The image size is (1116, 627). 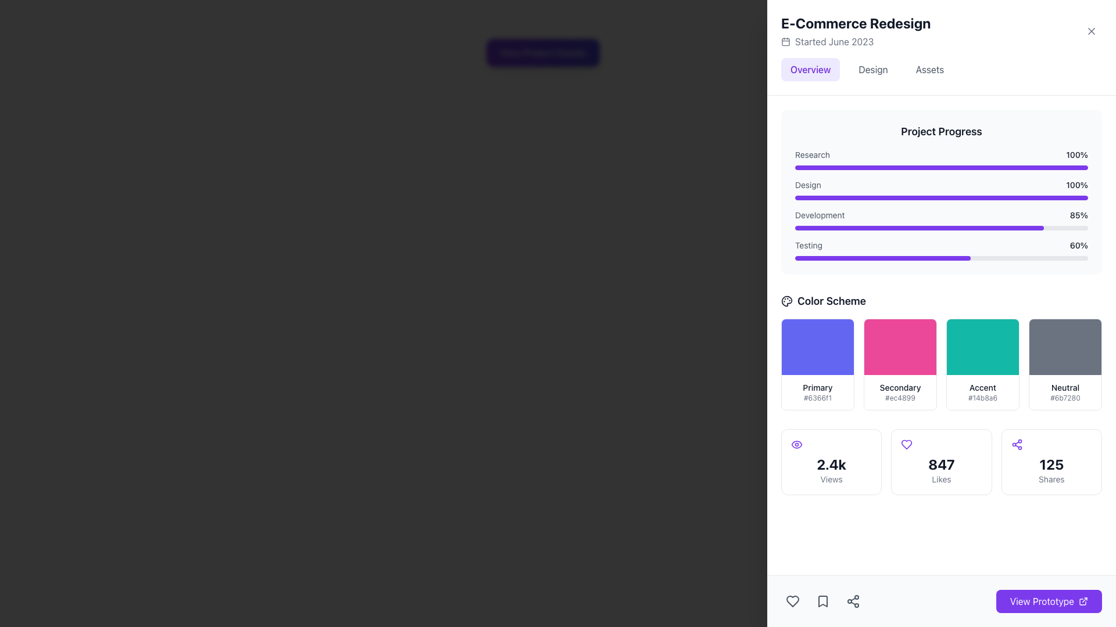 What do you see at coordinates (807, 185) in the screenshot?
I see `the 'Design' text label in the right-hand panel under the 'Project Progress' section, which is gray and aligned horizontally with other text elements` at bounding box center [807, 185].